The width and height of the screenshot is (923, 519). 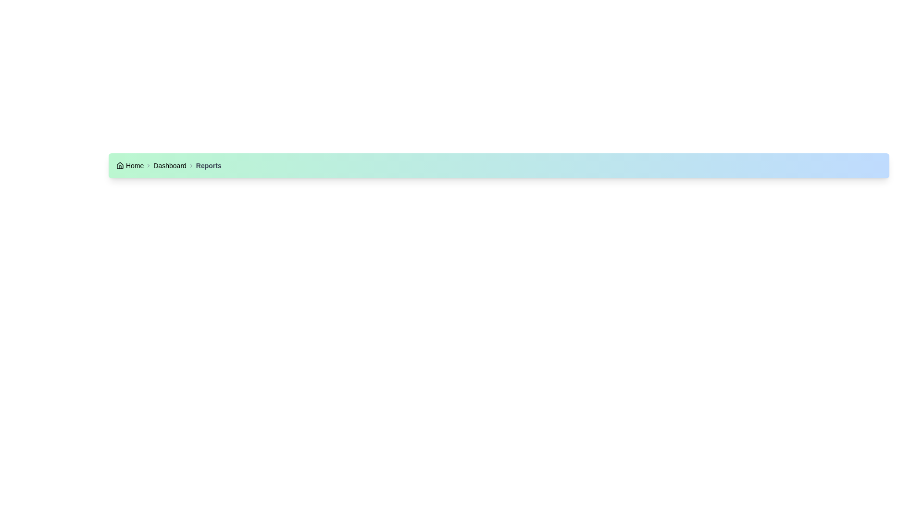 What do you see at coordinates (134, 165) in the screenshot?
I see `the 'Home' text label in the breadcrumb navigation` at bounding box center [134, 165].